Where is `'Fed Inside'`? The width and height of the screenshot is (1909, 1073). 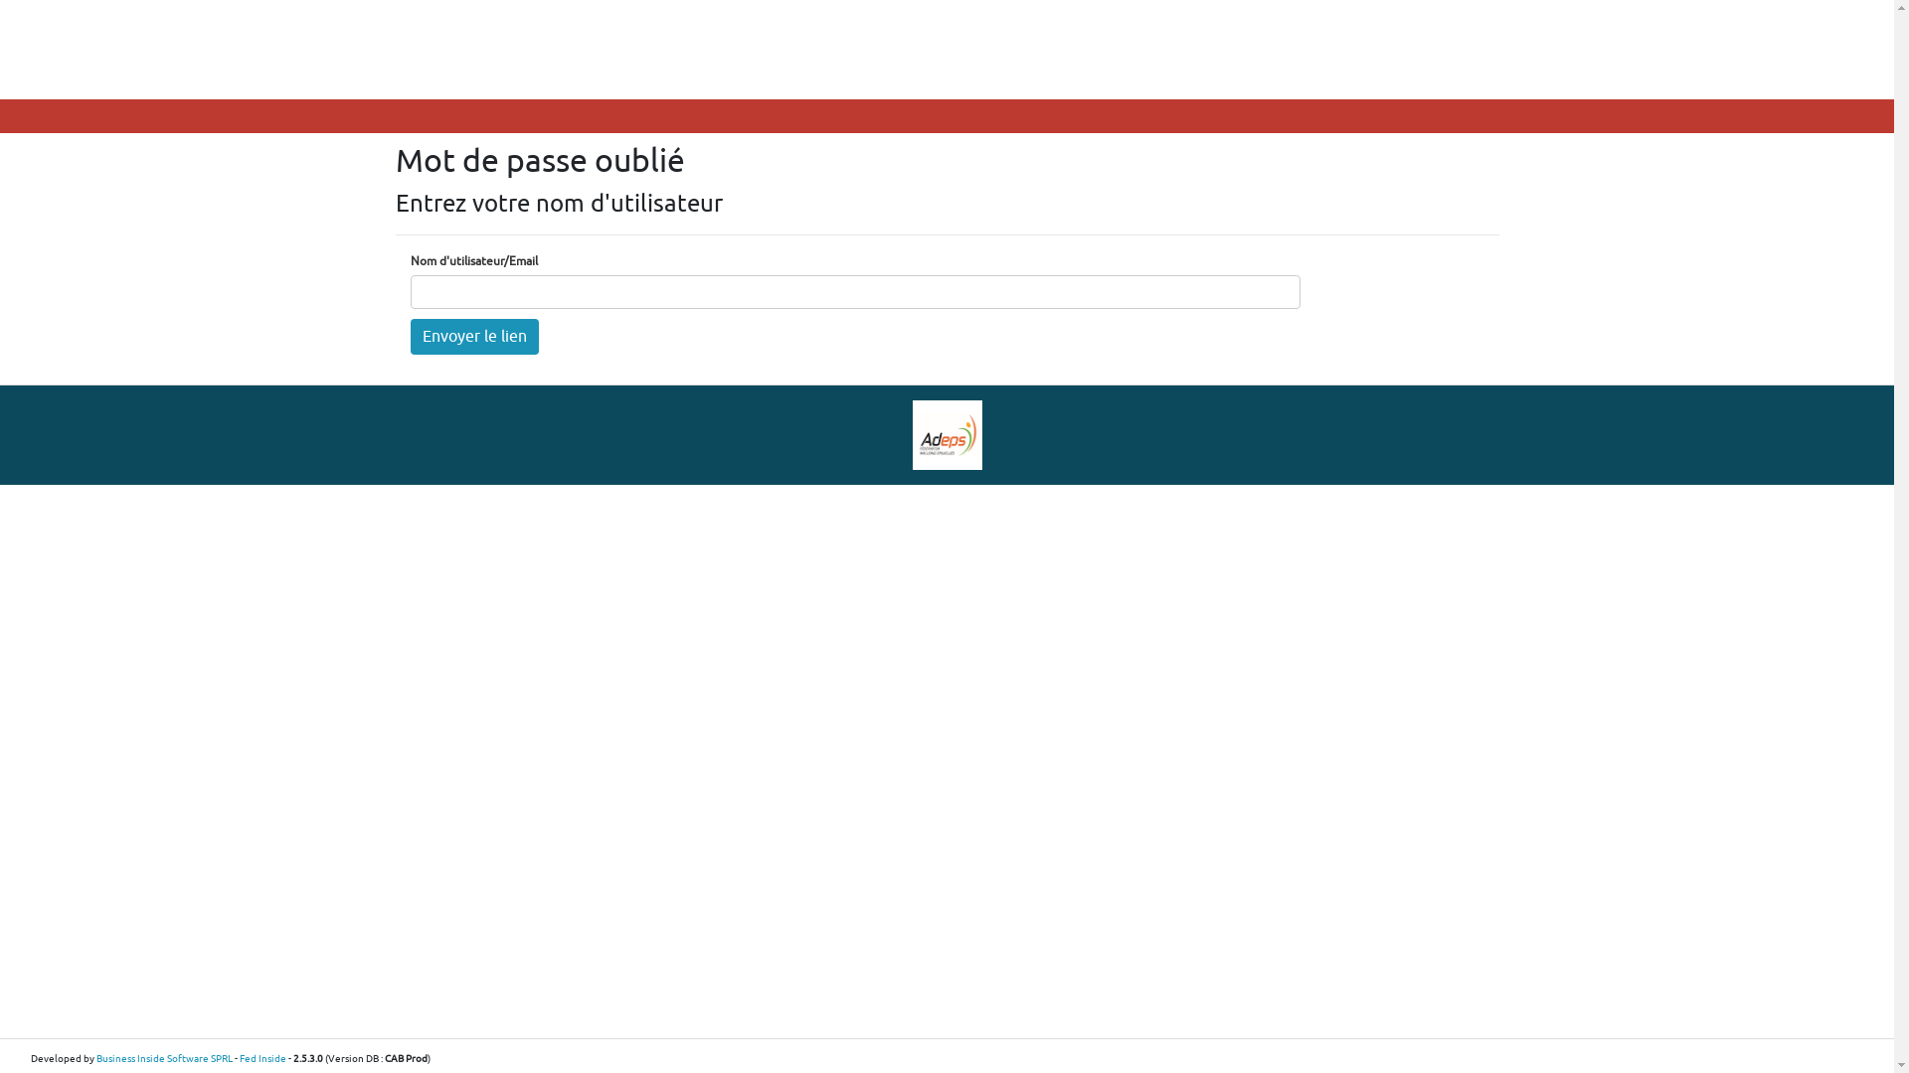 'Fed Inside' is located at coordinates (261, 1057).